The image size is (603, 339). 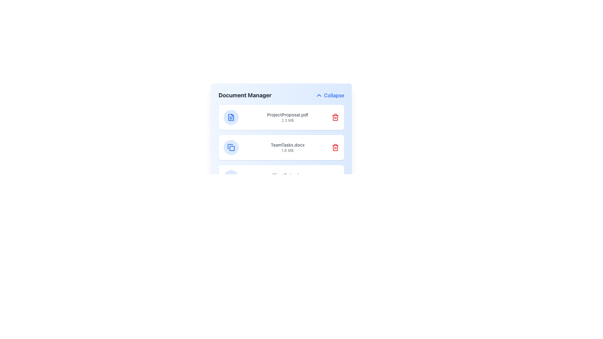 What do you see at coordinates (281, 148) in the screenshot?
I see `the file name in the second list item of the Document Manager section` at bounding box center [281, 148].